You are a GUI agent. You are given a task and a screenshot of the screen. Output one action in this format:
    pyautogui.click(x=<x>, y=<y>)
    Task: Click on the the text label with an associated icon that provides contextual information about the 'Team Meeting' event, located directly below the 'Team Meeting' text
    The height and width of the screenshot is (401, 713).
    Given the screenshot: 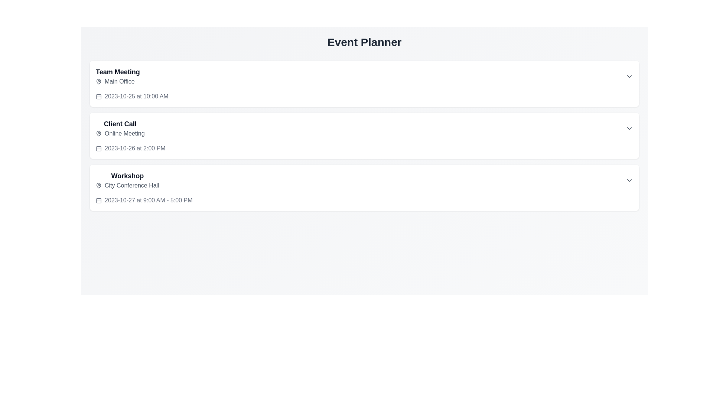 What is the action you would take?
    pyautogui.click(x=117, y=81)
    